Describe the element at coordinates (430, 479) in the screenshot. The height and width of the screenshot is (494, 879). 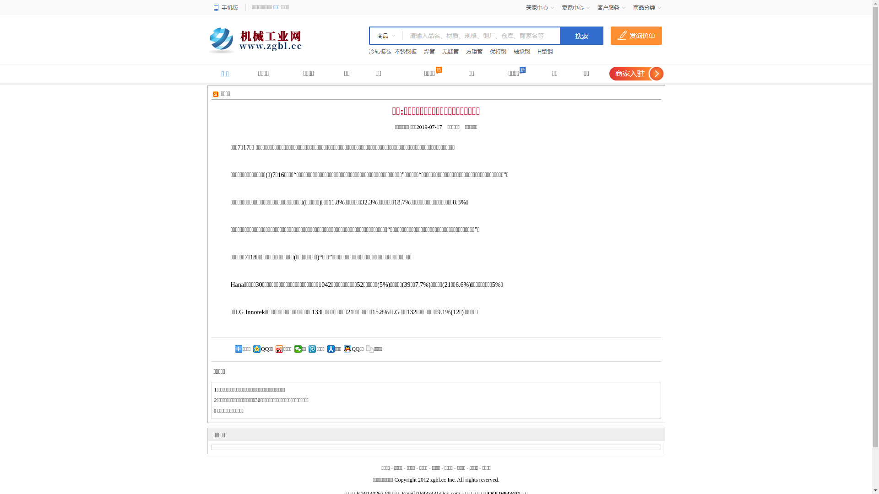
I see `'zgbl.cc'` at that location.